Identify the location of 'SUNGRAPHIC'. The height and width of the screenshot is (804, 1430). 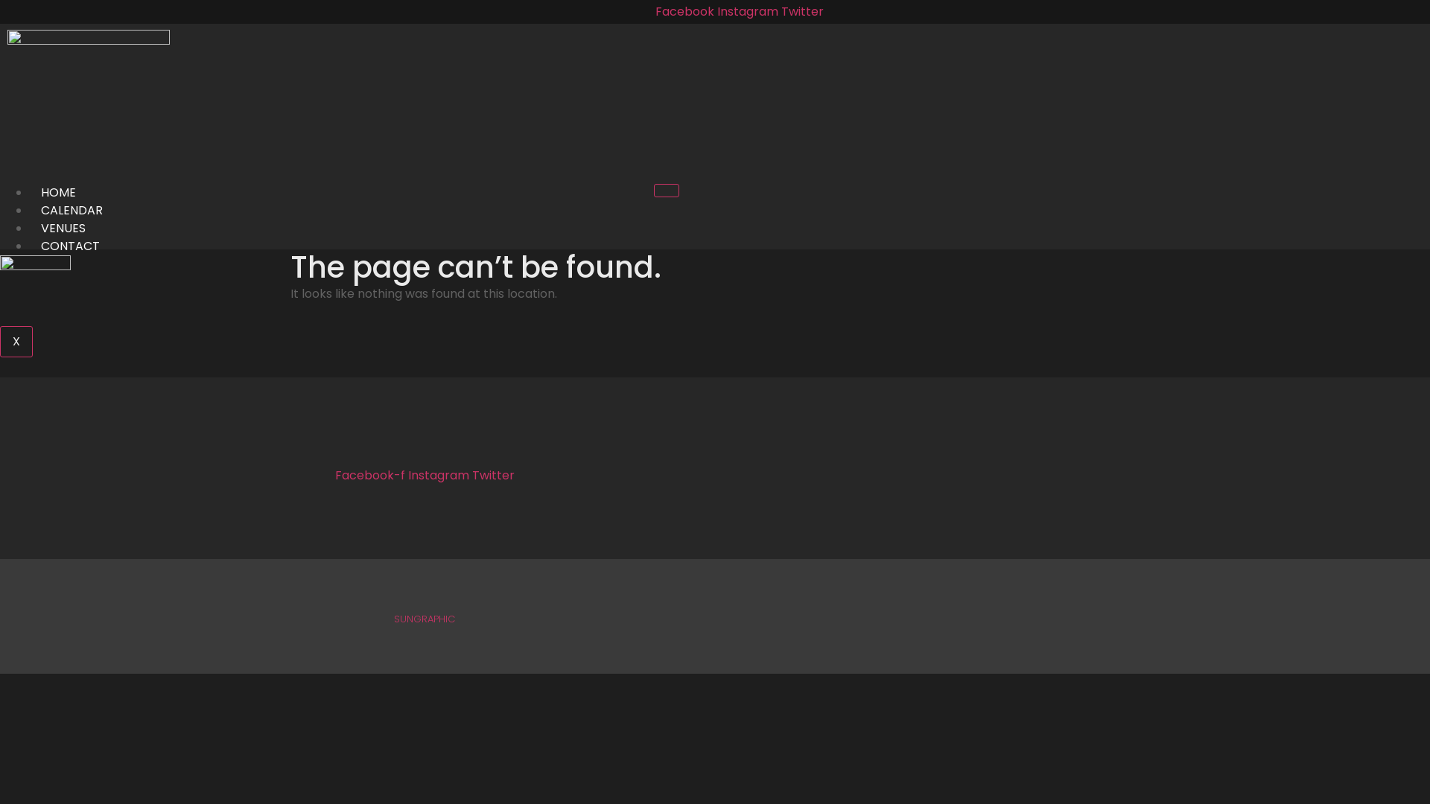
(424, 619).